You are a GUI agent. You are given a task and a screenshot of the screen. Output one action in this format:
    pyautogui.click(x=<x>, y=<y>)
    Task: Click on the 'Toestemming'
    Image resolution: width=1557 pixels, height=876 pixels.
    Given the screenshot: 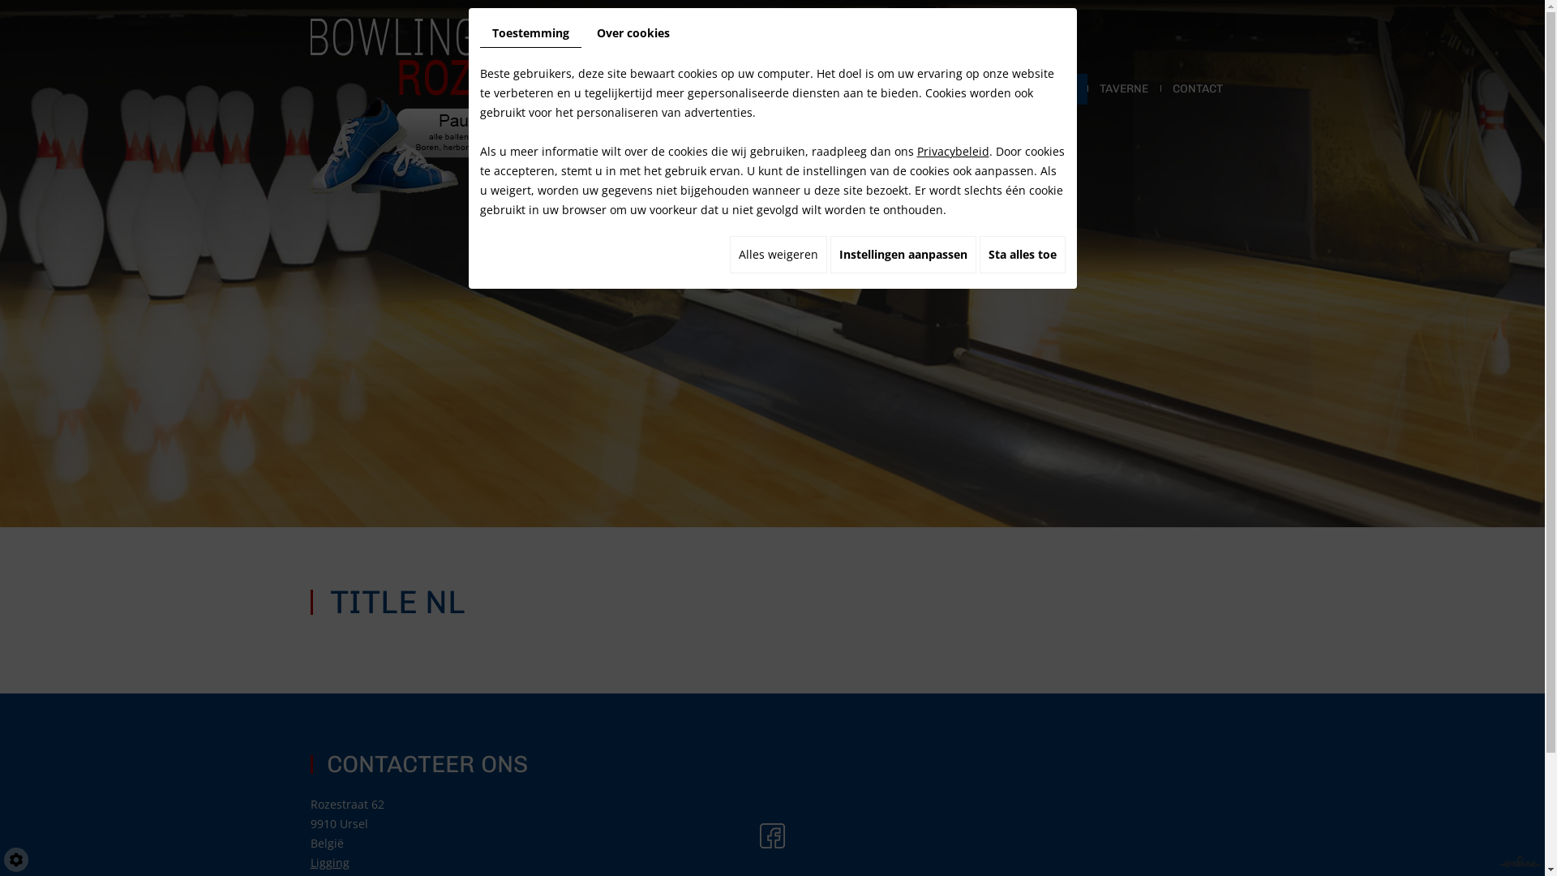 What is the action you would take?
    pyautogui.click(x=530, y=33)
    